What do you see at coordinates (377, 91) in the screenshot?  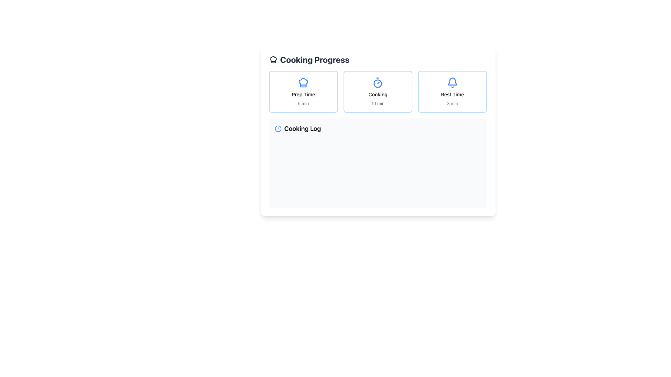 I see `information provided on the 'Cooking' informative card, which indicates a duration of 10 minutes, positioned as the second card in a horizontal layout between 'Prep Time - 5 min' and 'Rest Time - 3 min'` at bounding box center [377, 91].